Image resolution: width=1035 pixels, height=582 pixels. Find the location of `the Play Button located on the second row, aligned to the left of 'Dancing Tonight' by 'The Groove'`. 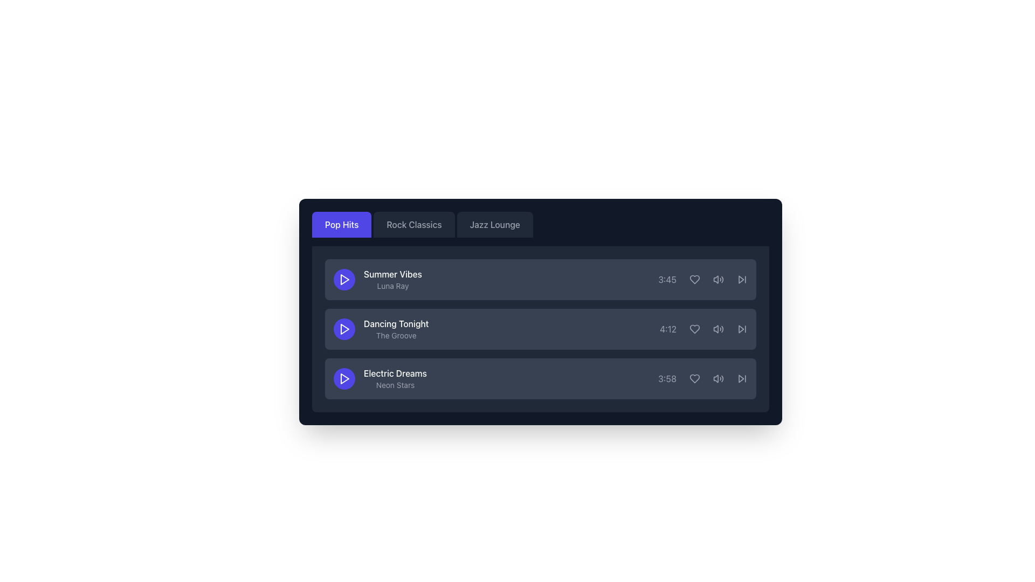

the Play Button located on the second row, aligned to the left of 'Dancing Tonight' by 'The Groove' is located at coordinates (343, 328).